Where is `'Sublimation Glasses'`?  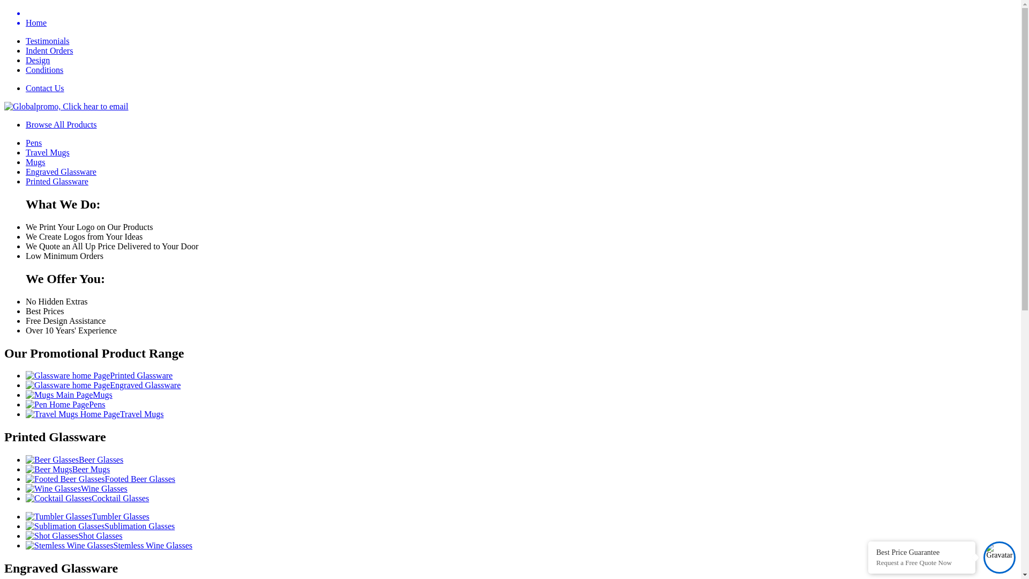
'Sublimation Glasses' is located at coordinates (100, 525).